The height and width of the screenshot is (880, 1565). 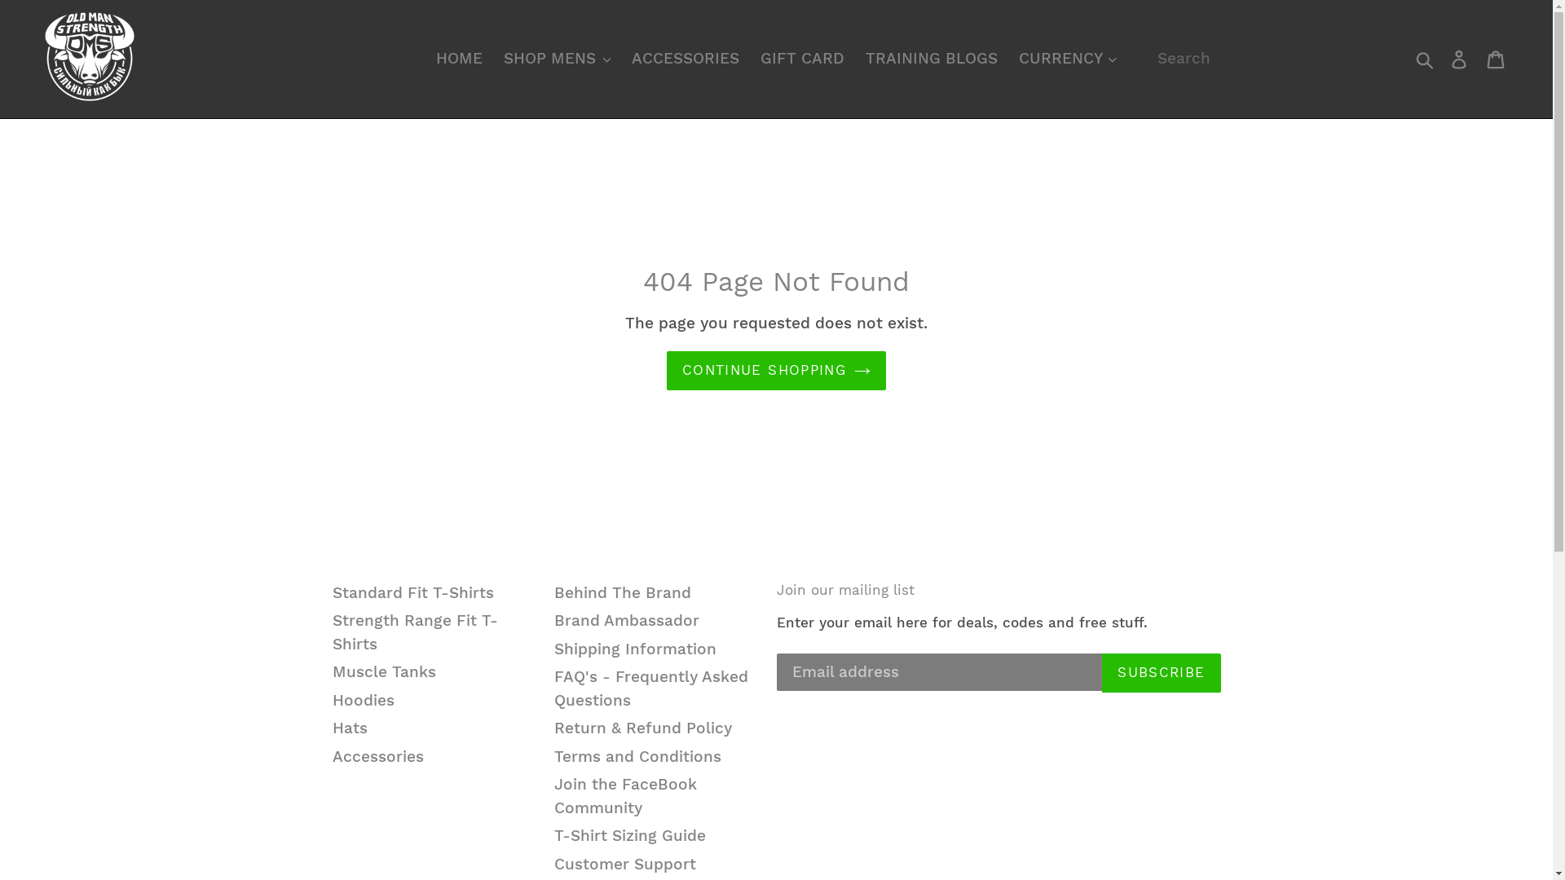 What do you see at coordinates (1460, 58) in the screenshot?
I see `'Log in'` at bounding box center [1460, 58].